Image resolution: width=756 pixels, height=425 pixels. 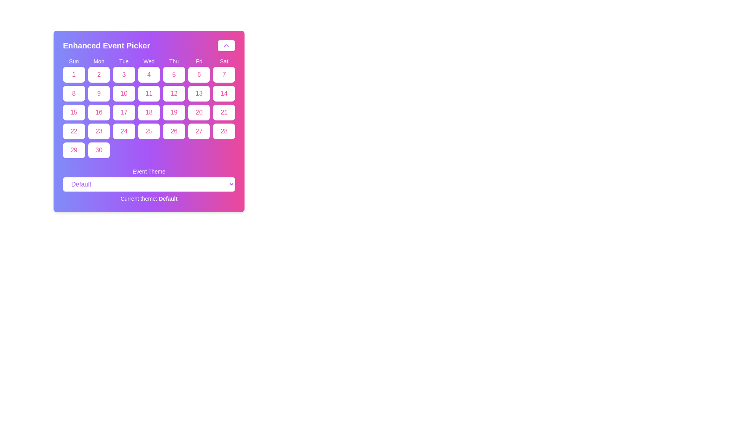 I want to click on the rectangular button displaying the text '10' in pink color, located in the second row and third column of a calendar grid, so click(x=123, y=93).